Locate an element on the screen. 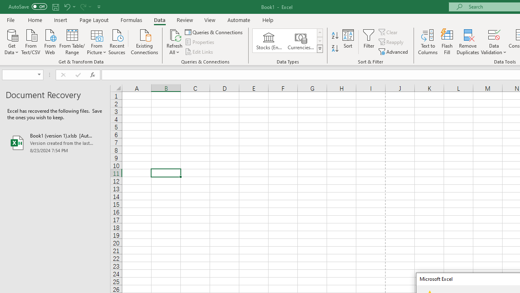 The image size is (520, 293). 'Home' is located at coordinates (35, 20).